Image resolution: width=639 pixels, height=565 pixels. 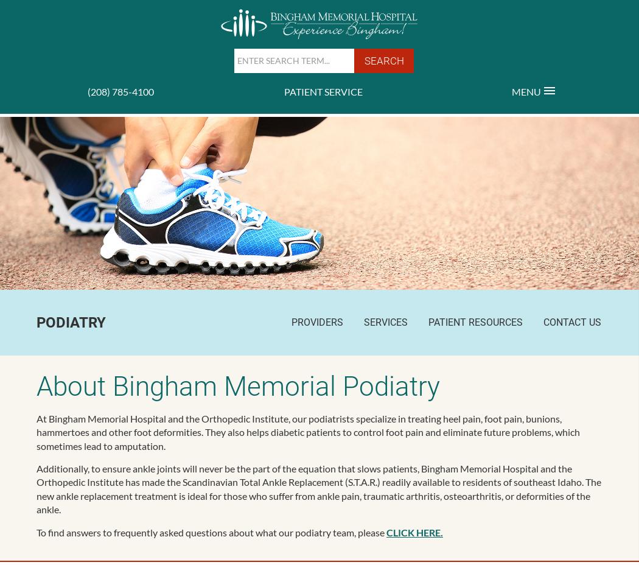 What do you see at coordinates (428, 321) in the screenshot?
I see `'Patient Resources'` at bounding box center [428, 321].